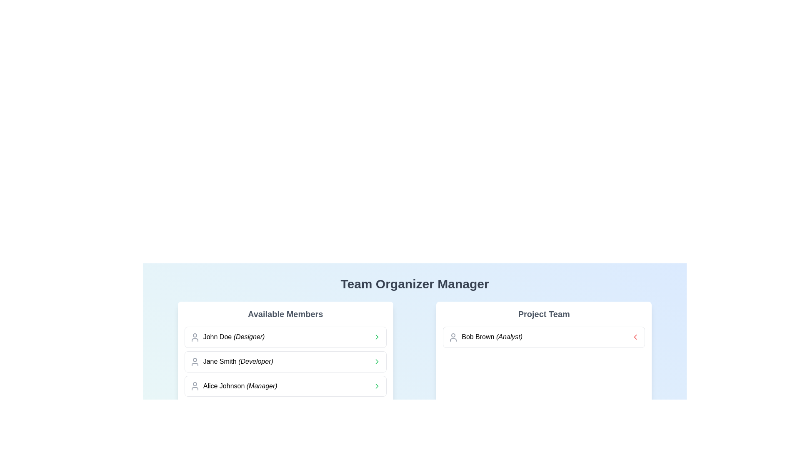 The image size is (800, 450). Describe the element at coordinates (285, 337) in the screenshot. I see `the list item entry for 'John Doe', labeled as 'Designer'` at that location.